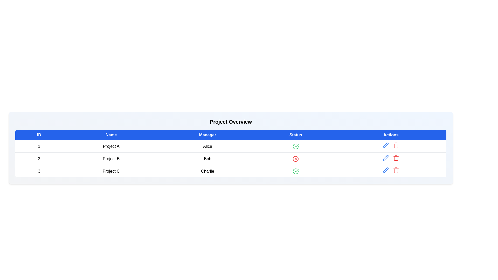 The height and width of the screenshot is (280, 498). I want to click on the table header item labeled 'ID', which is styled with bold text and a blue background, located at the top-left corner of the table, so click(39, 135).